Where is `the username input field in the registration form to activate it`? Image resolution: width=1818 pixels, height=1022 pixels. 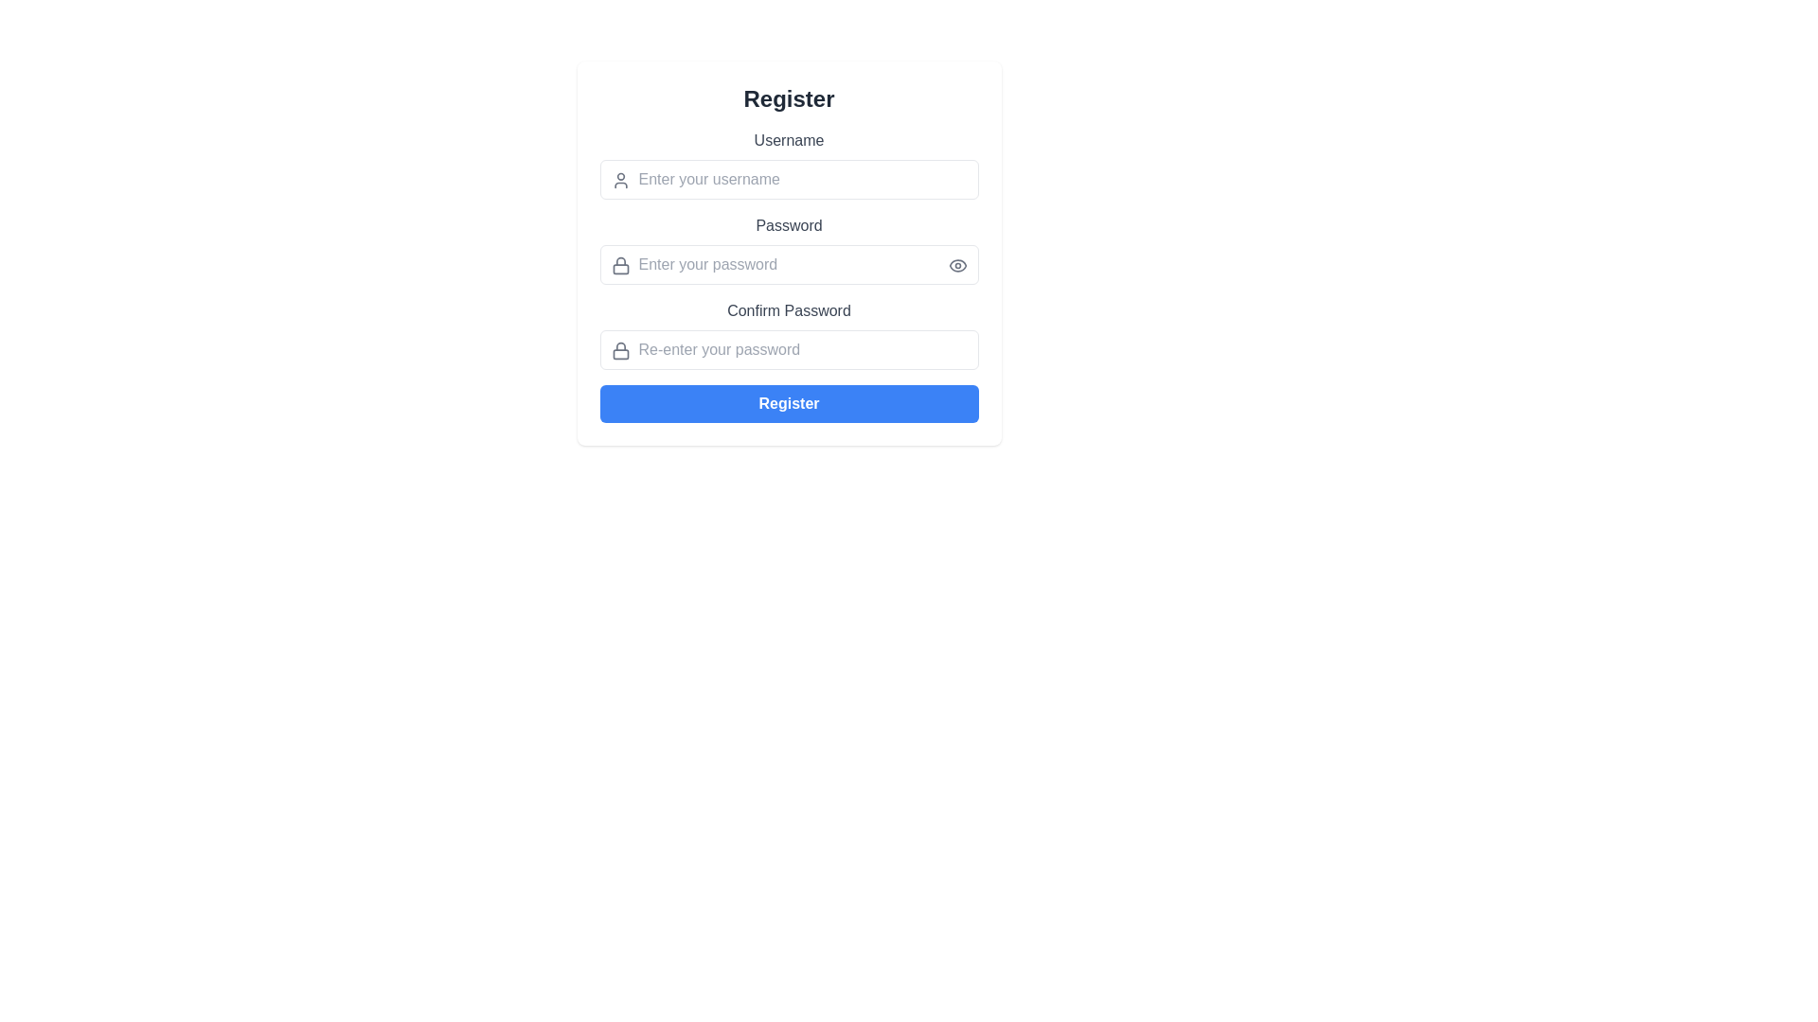 the username input field in the registration form to activate it is located at coordinates (789, 163).